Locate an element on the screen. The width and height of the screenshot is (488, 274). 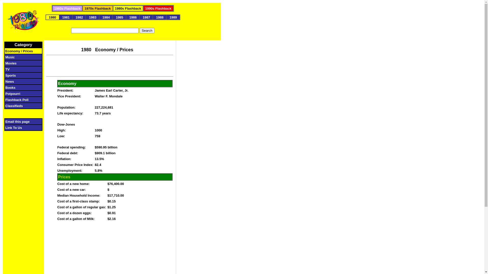
'Potpourri                 ' is located at coordinates (20, 93).